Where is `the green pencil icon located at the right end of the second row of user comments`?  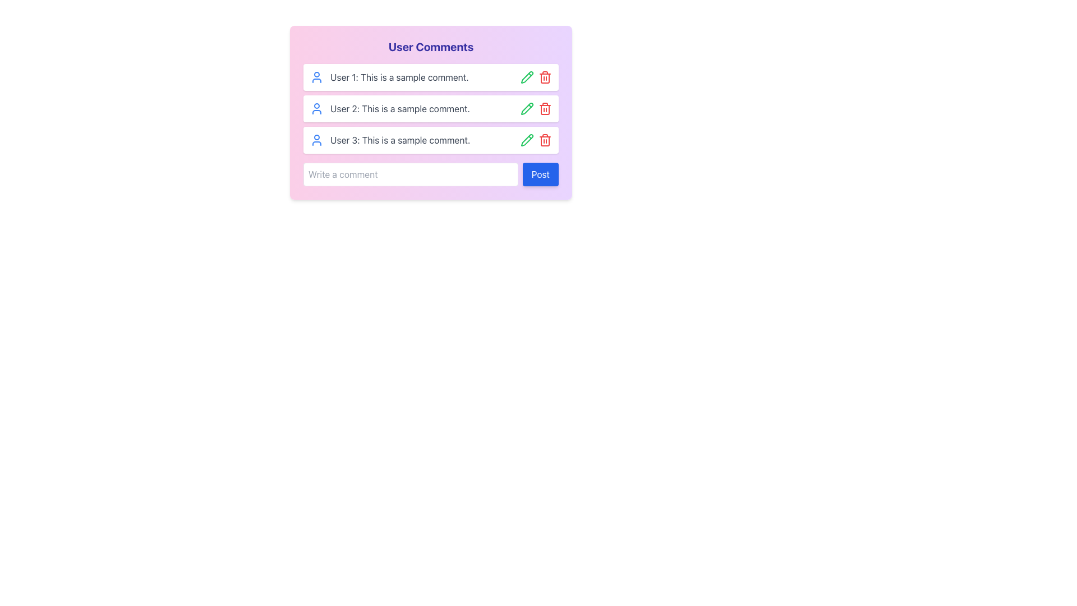 the green pencil icon located at the right end of the second row of user comments is located at coordinates (527, 77).